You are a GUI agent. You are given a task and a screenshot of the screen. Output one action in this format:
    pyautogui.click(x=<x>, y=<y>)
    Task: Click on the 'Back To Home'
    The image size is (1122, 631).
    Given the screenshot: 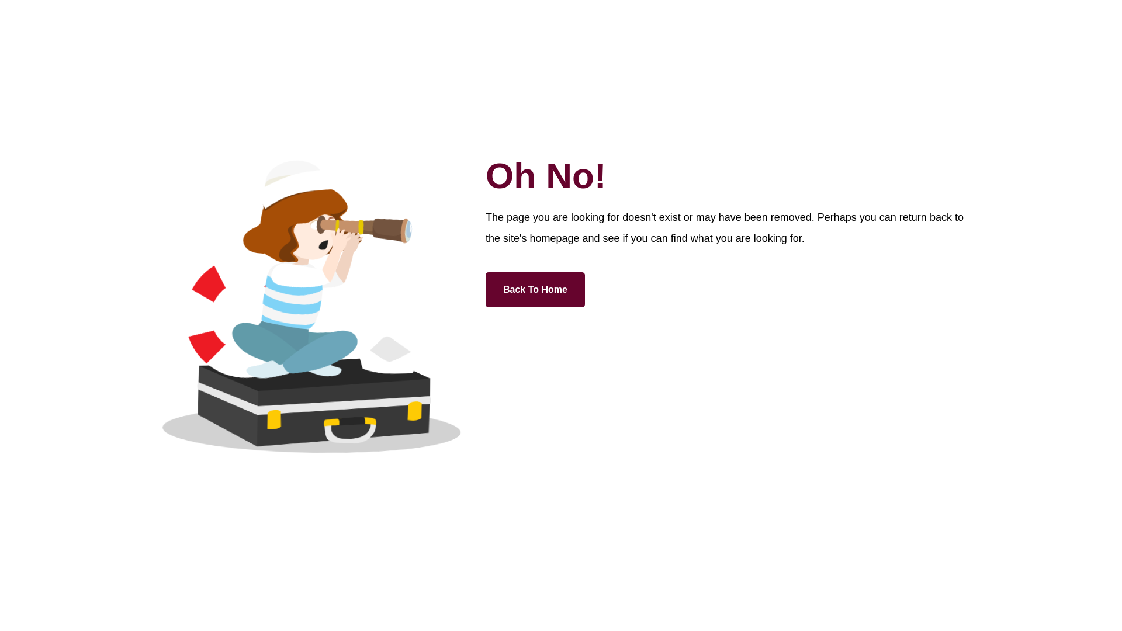 What is the action you would take?
    pyautogui.click(x=535, y=289)
    